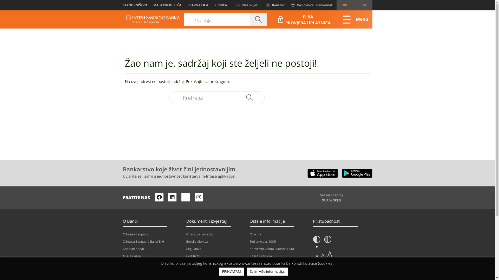 The width and height of the screenshot is (499, 280). What do you see at coordinates (153, 19) in the screenshot?
I see `'Intesa Sanpaolo BiH'` at bounding box center [153, 19].